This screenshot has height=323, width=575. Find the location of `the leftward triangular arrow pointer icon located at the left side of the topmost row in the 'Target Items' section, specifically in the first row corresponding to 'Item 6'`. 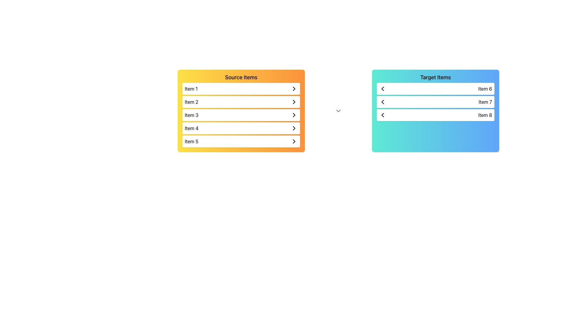

the leftward triangular arrow pointer icon located at the left side of the topmost row in the 'Target Items' section, specifically in the first row corresponding to 'Item 6' is located at coordinates (382, 89).